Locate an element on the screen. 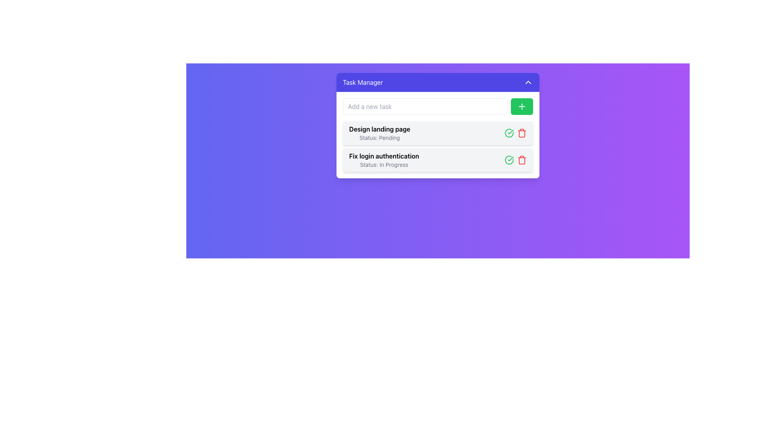  the button located to the right of the 'Add a new task' text input field is located at coordinates (522, 106).